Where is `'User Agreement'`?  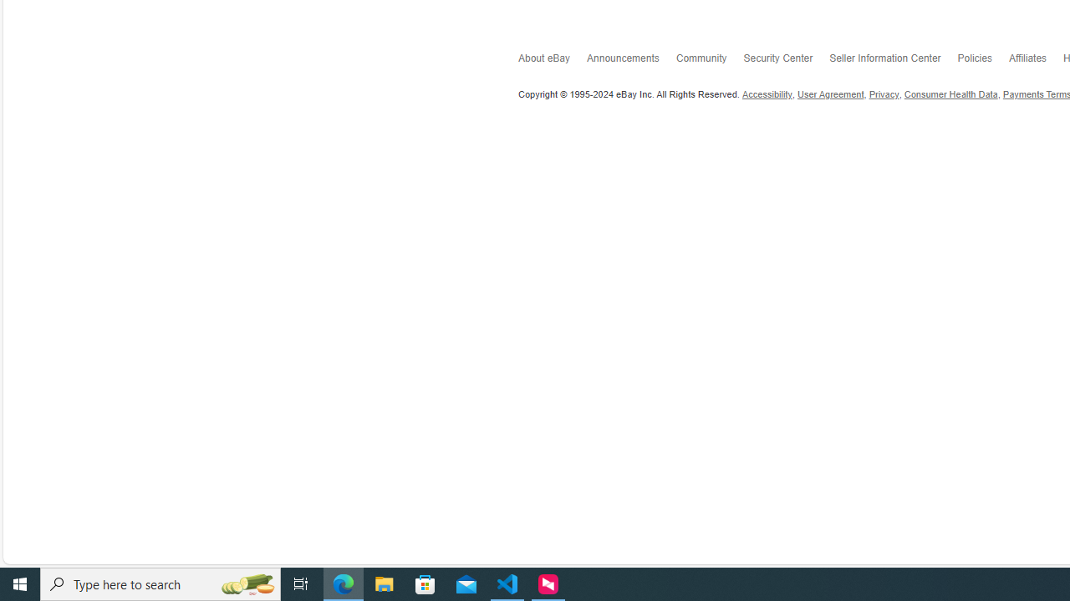
'User Agreement' is located at coordinates (830, 94).